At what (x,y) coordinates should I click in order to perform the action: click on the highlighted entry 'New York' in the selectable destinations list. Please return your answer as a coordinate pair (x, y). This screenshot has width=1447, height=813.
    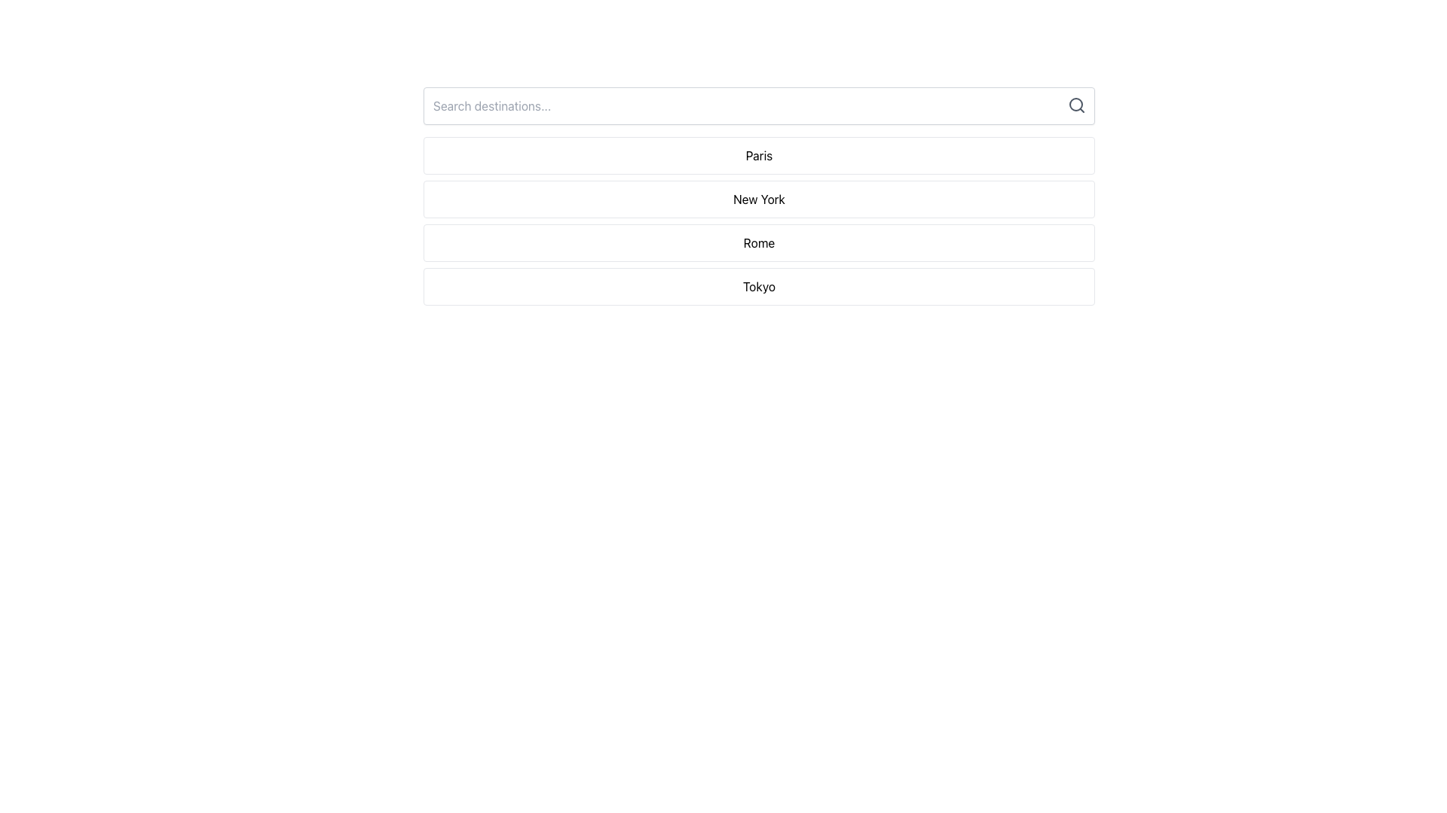
    Looking at the image, I should click on (759, 196).